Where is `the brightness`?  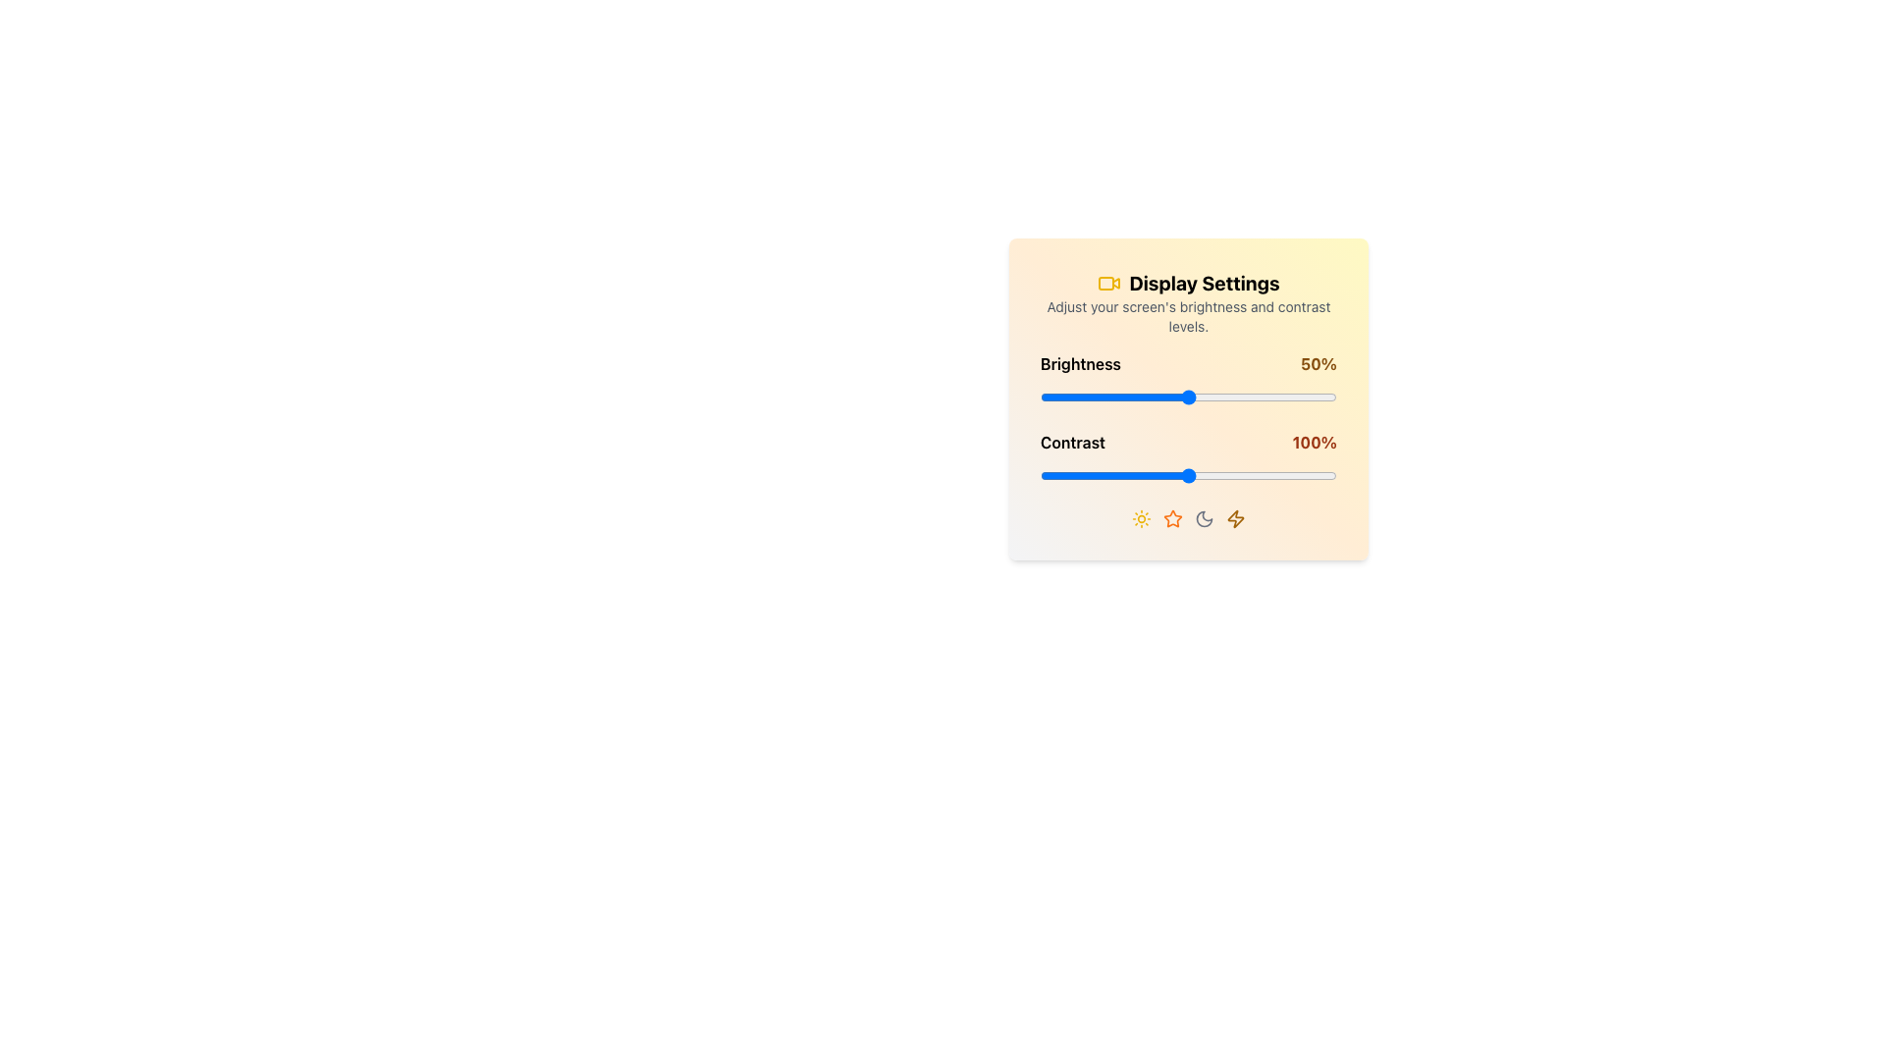 the brightness is located at coordinates (1185, 397).